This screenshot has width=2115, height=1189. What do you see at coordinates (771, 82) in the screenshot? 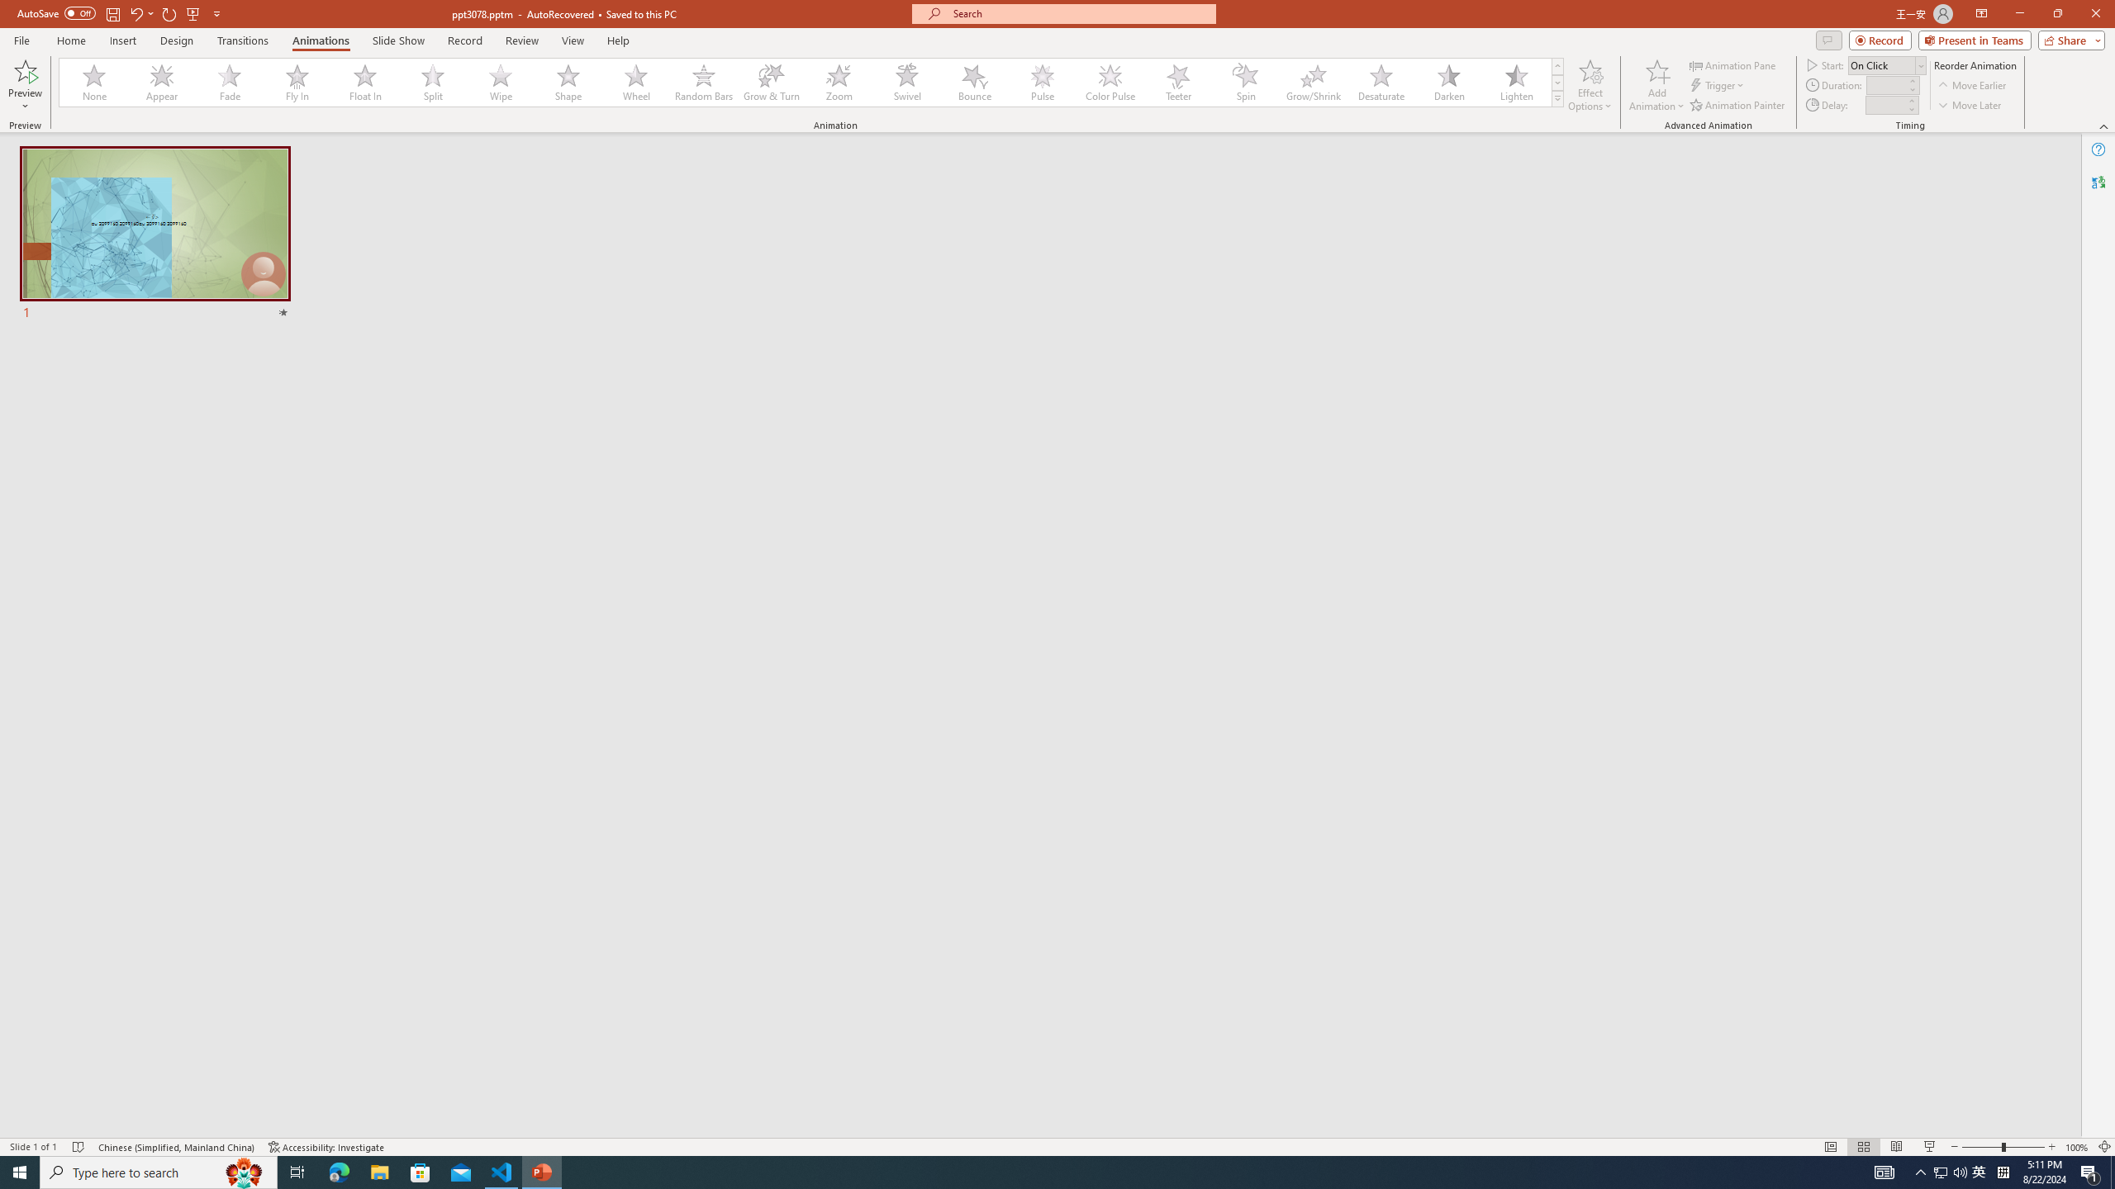
I see `'Grow & Turn'` at bounding box center [771, 82].